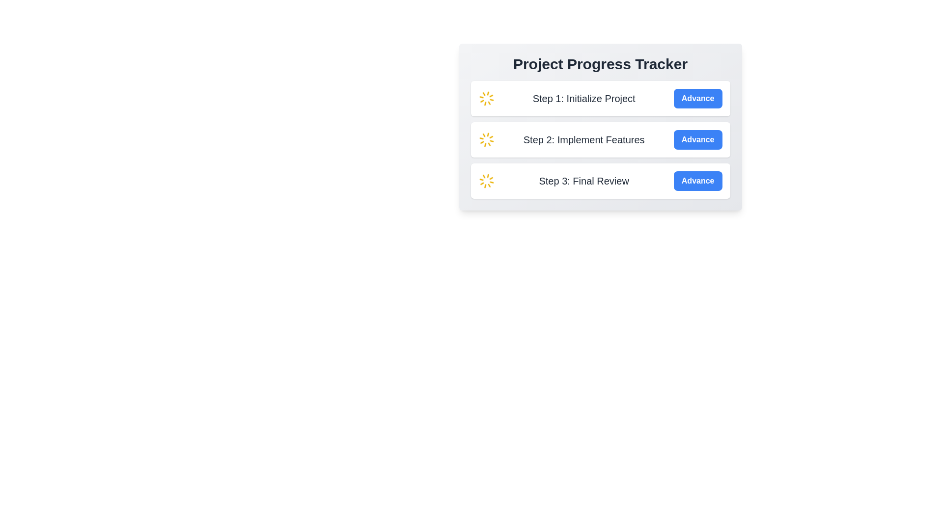 The width and height of the screenshot is (943, 530). What do you see at coordinates (584, 98) in the screenshot?
I see `the Text Label that describes the first step in the 'Project Progress Tracker', located between the yellow spinning icon and the blue 'Advance' button` at bounding box center [584, 98].